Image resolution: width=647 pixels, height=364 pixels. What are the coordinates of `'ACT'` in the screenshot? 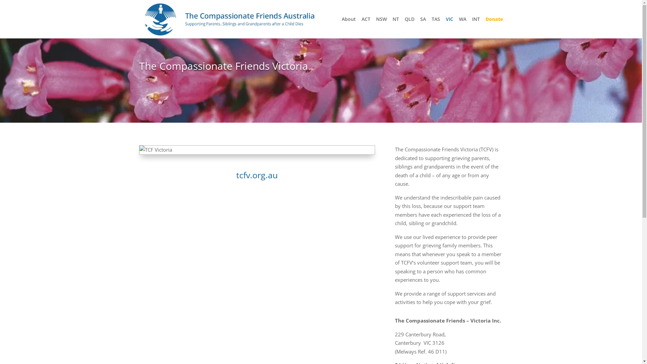 It's located at (361, 27).